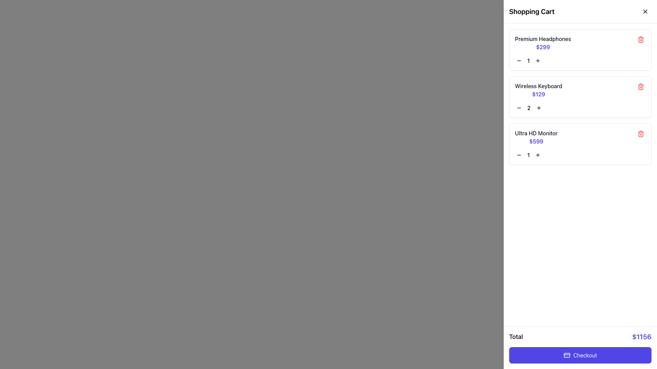  I want to click on the red trash bin icon, so click(640, 86).